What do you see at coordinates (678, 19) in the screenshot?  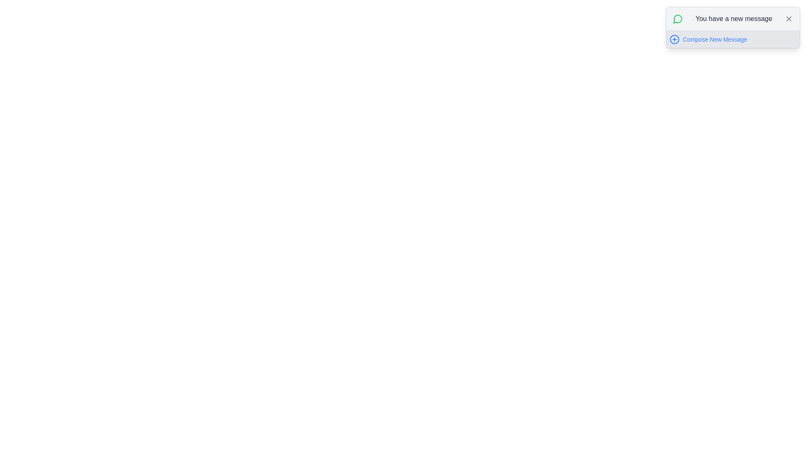 I see `the messaging notification icon located at the left side of the notification bar, which indicates the presence of a new message` at bounding box center [678, 19].